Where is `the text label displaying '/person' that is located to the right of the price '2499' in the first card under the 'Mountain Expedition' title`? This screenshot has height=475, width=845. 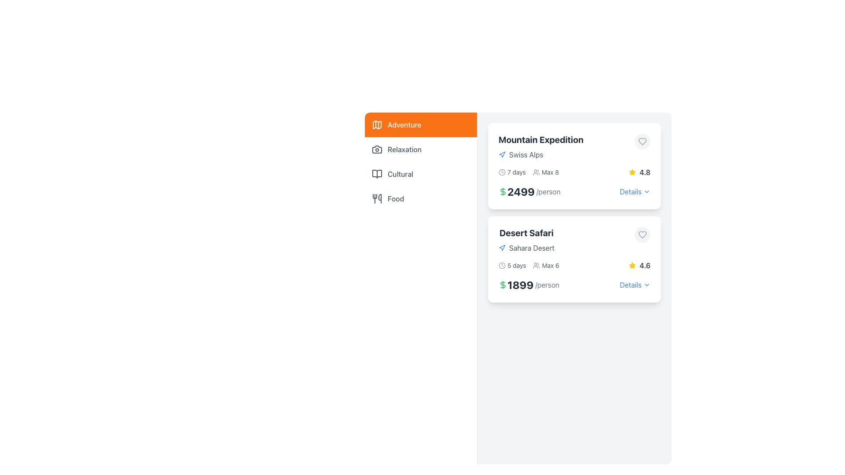
the text label displaying '/person' that is located to the right of the price '2499' in the first card under the 'Mountain Expedition' title is located at coordinates (548, 191).